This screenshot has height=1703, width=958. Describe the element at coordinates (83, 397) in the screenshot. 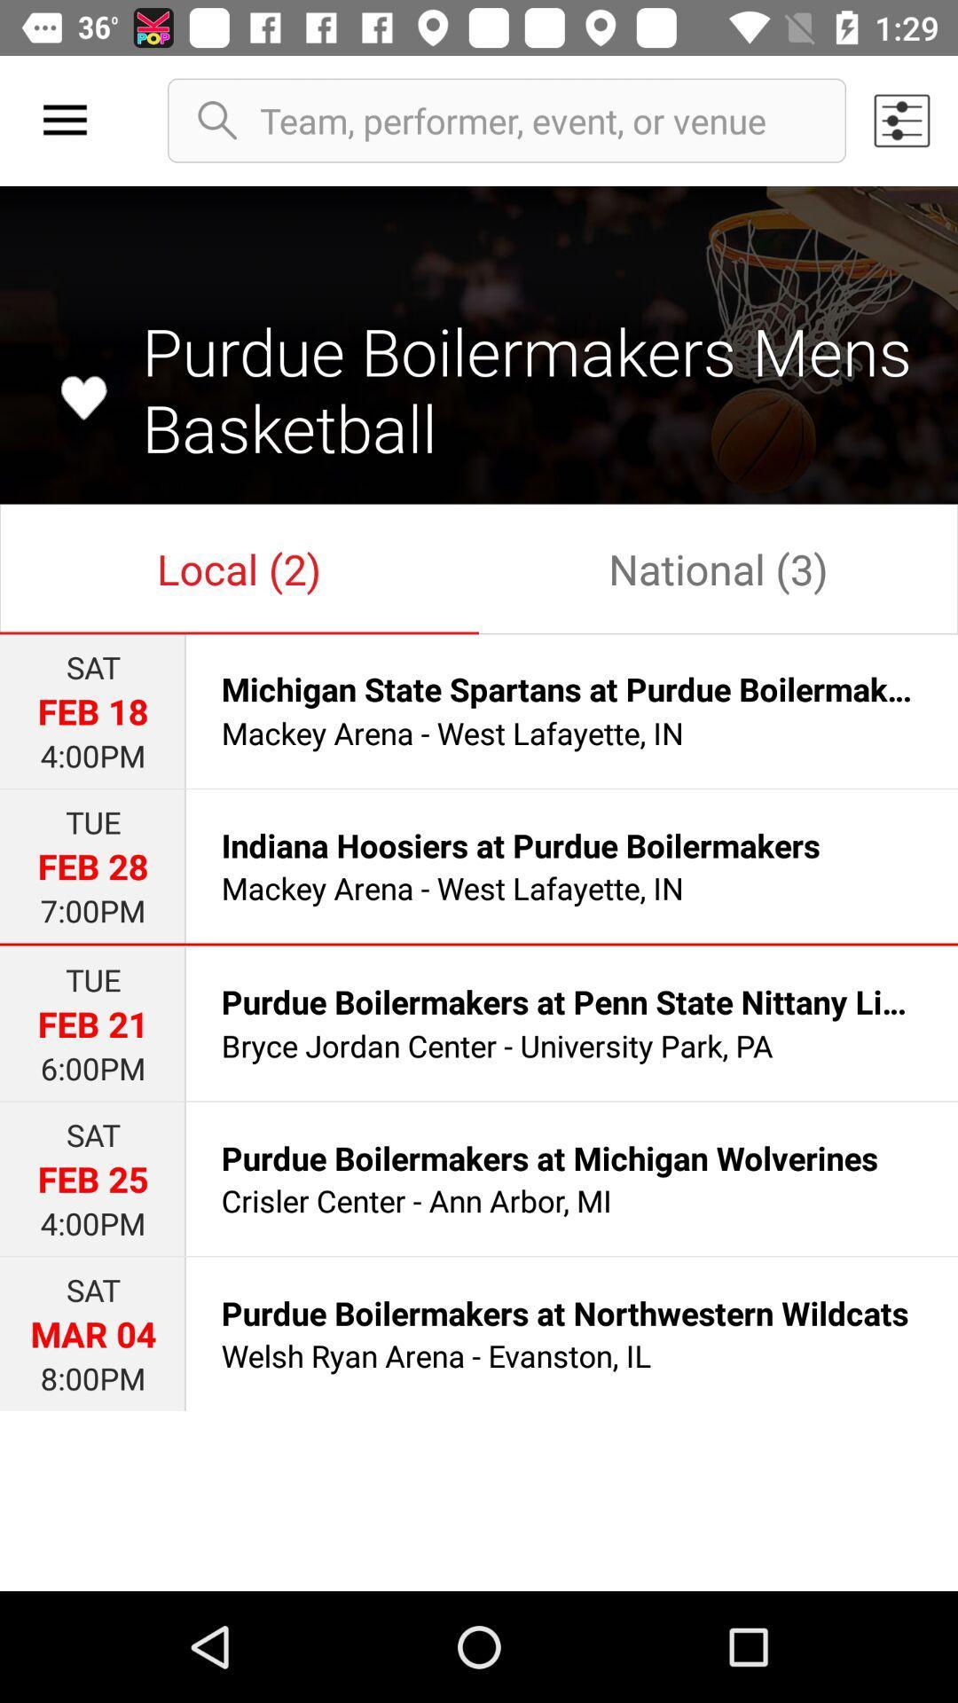

I see `the favorite icon` at that location.